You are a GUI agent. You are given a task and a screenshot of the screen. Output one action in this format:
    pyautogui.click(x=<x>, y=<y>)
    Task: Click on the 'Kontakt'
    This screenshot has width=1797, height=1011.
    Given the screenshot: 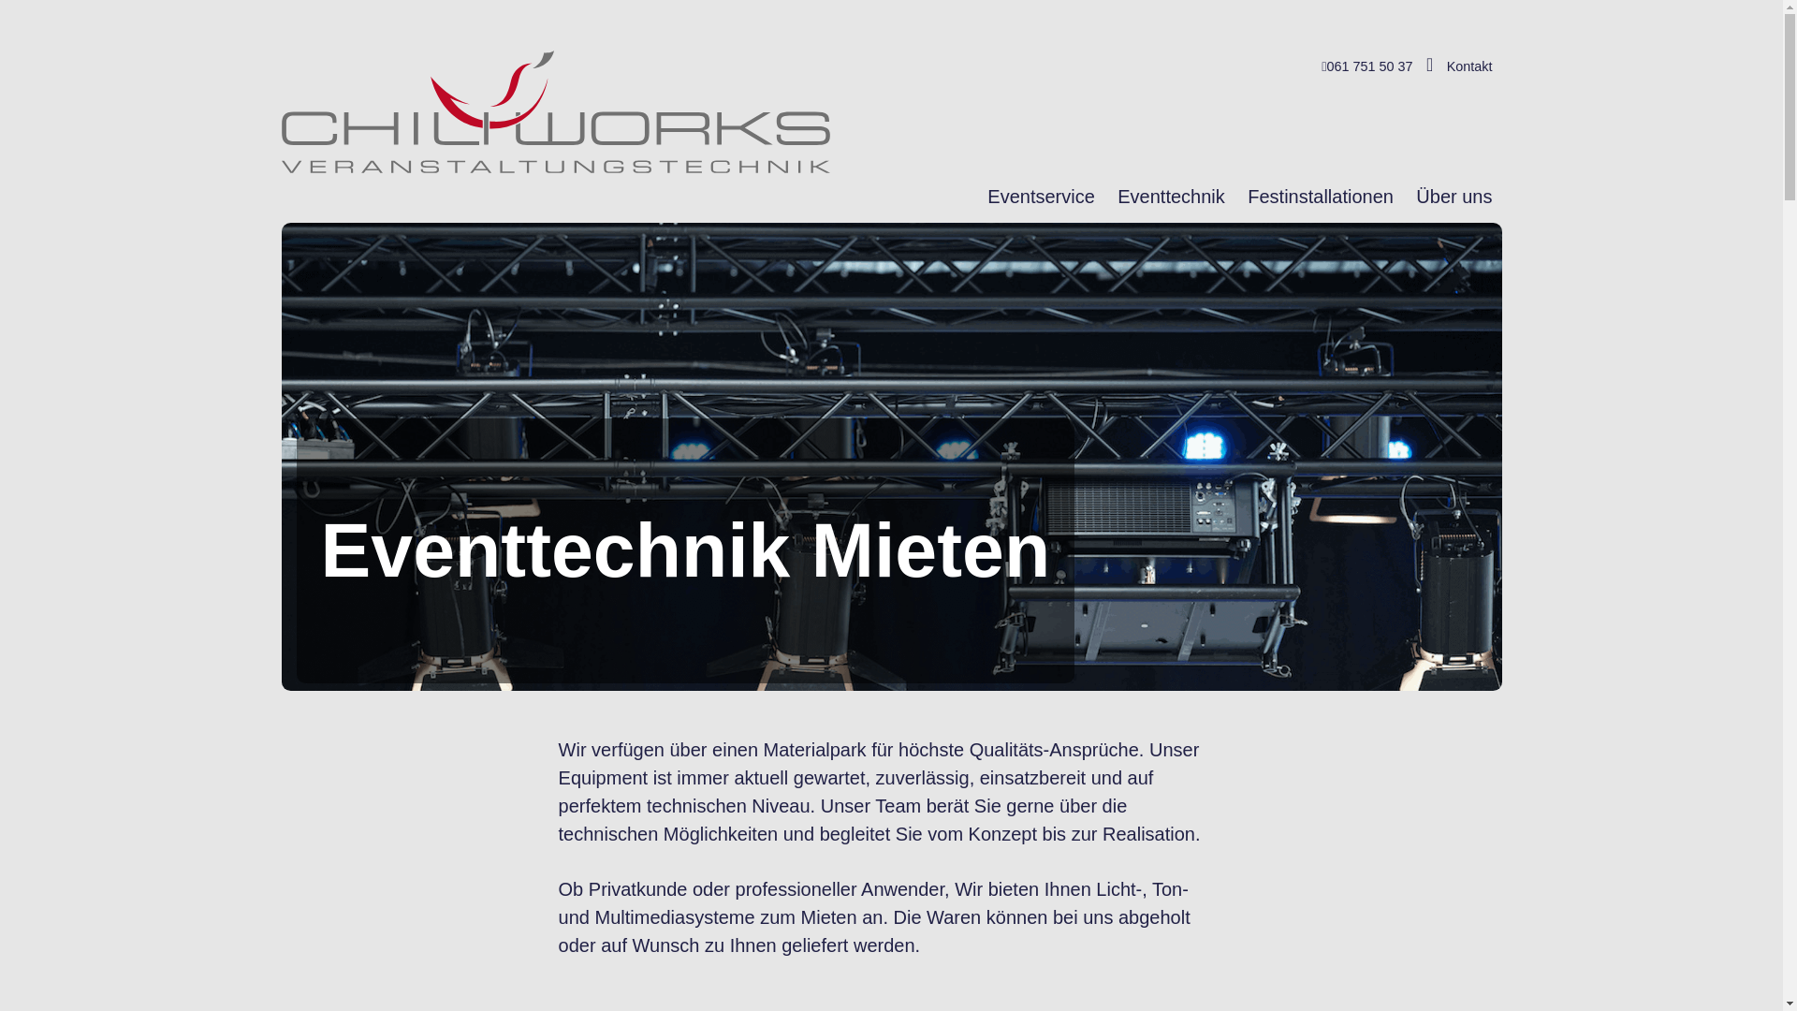 What is the action you would take?
    pyautogui.click(x=1468, y=65)
    